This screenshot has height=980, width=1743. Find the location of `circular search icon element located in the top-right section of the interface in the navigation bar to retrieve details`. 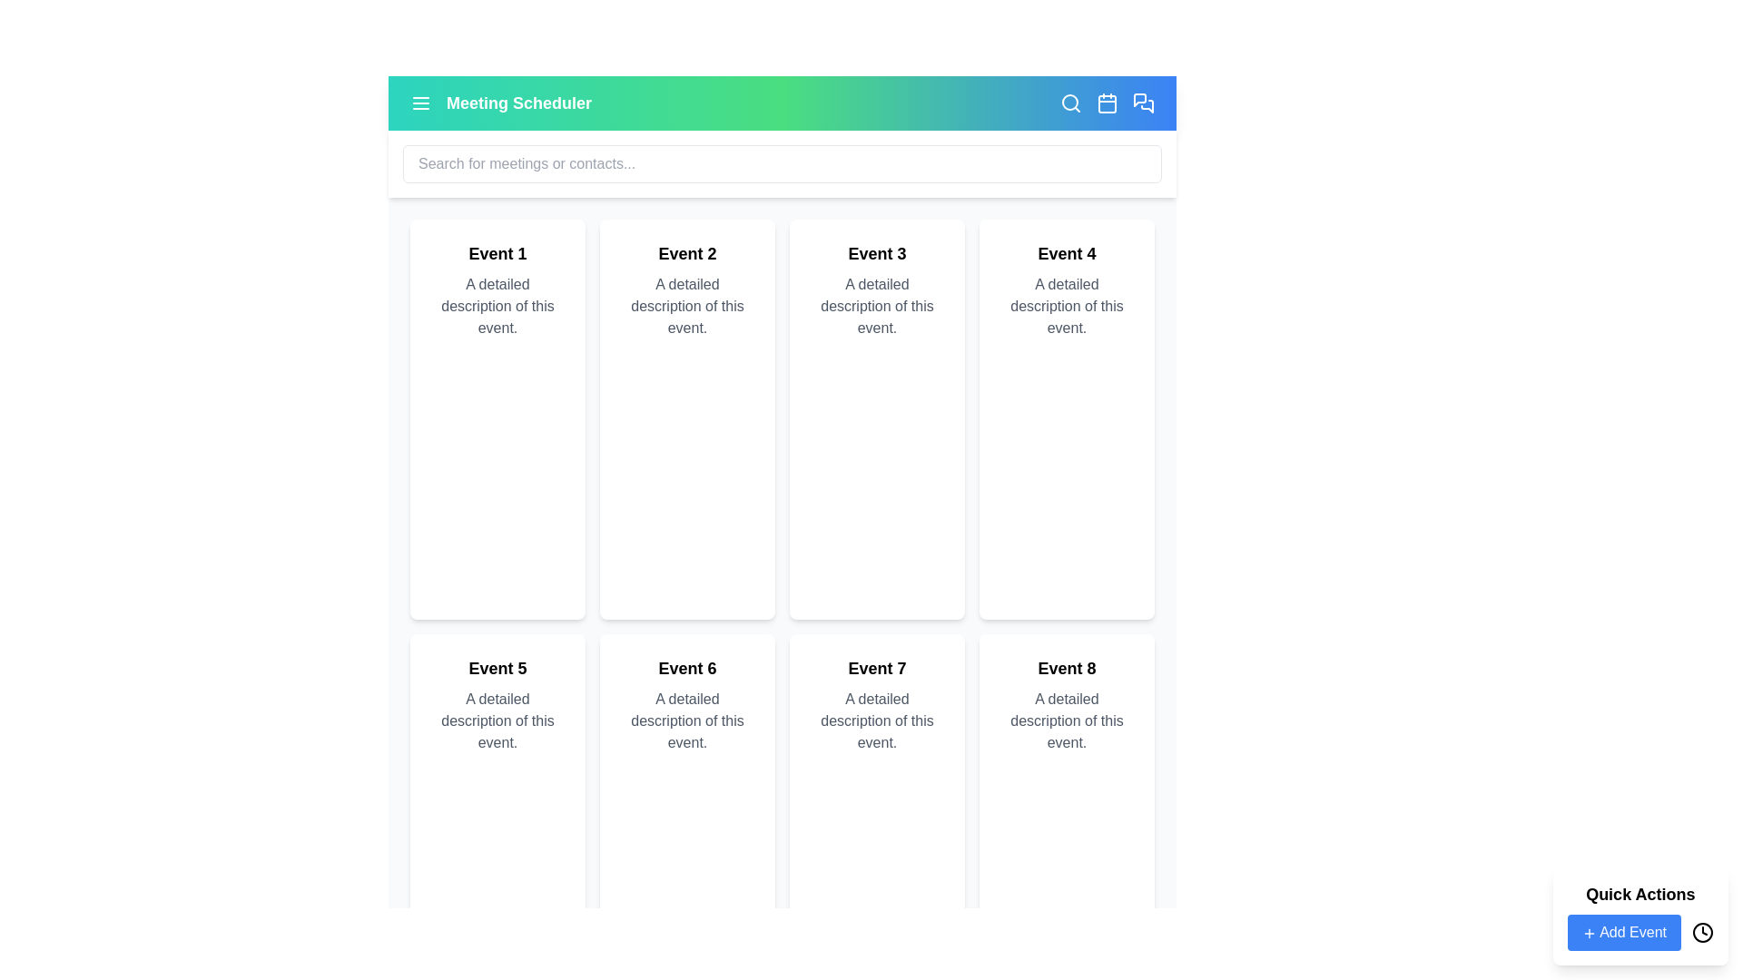

circular search icon element located in the top-right section of the interface in the navigation bar to retrieve details is located at coordinates (1070, 102).